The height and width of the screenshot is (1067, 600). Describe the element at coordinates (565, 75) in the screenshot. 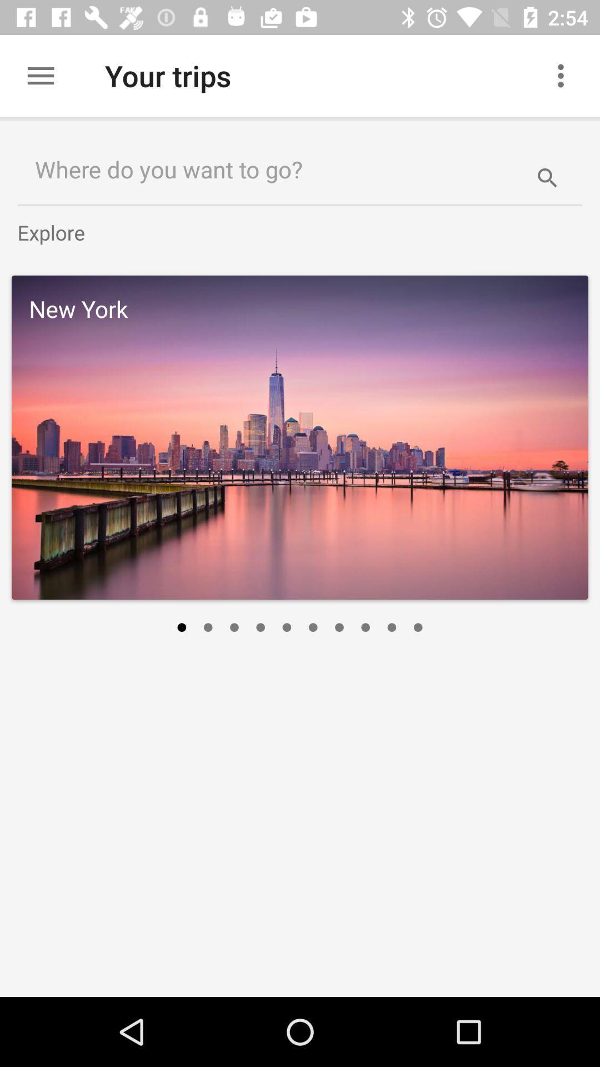

I see `item to the right of your trips` at that location.